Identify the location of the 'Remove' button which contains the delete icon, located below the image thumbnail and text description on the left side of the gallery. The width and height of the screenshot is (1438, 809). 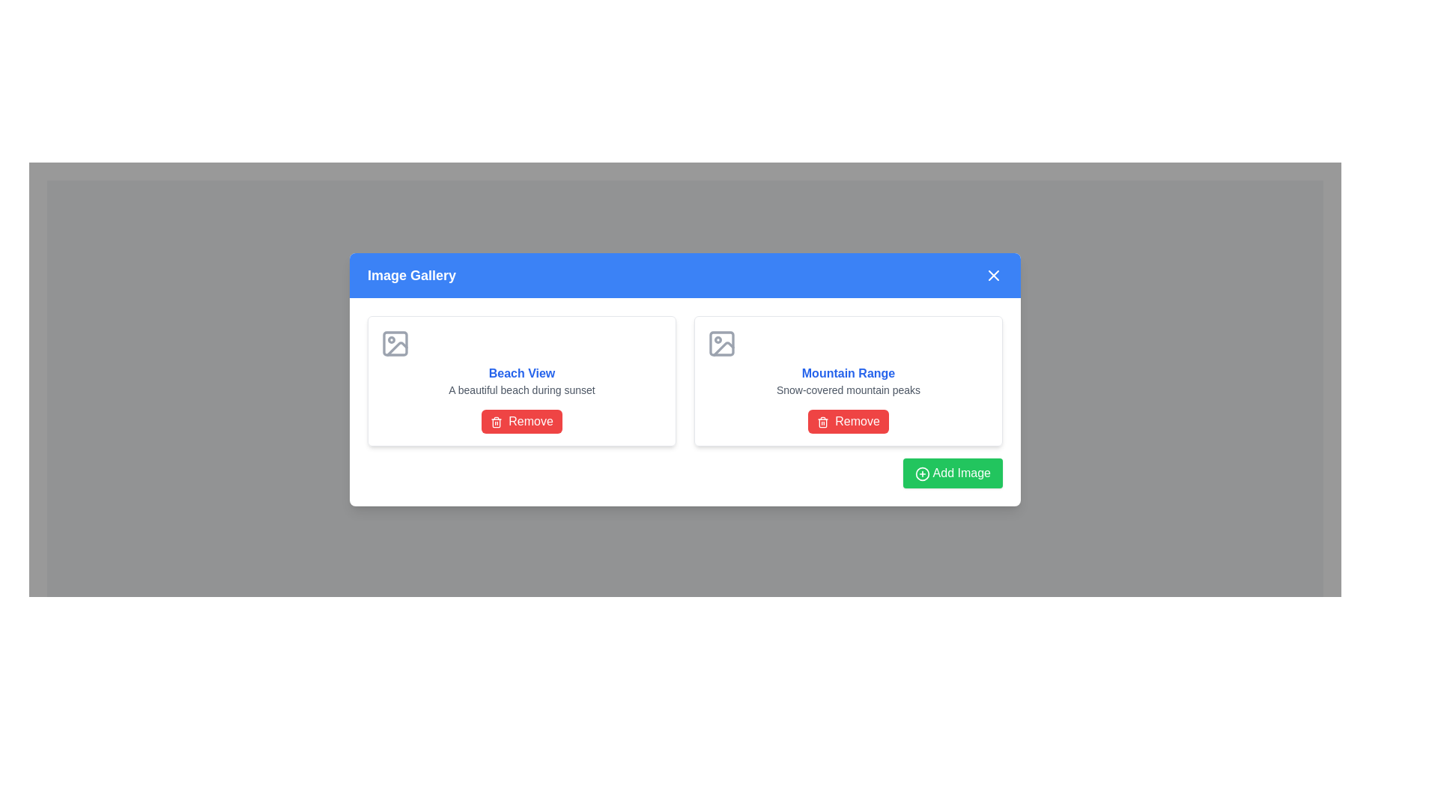
(822, 422).